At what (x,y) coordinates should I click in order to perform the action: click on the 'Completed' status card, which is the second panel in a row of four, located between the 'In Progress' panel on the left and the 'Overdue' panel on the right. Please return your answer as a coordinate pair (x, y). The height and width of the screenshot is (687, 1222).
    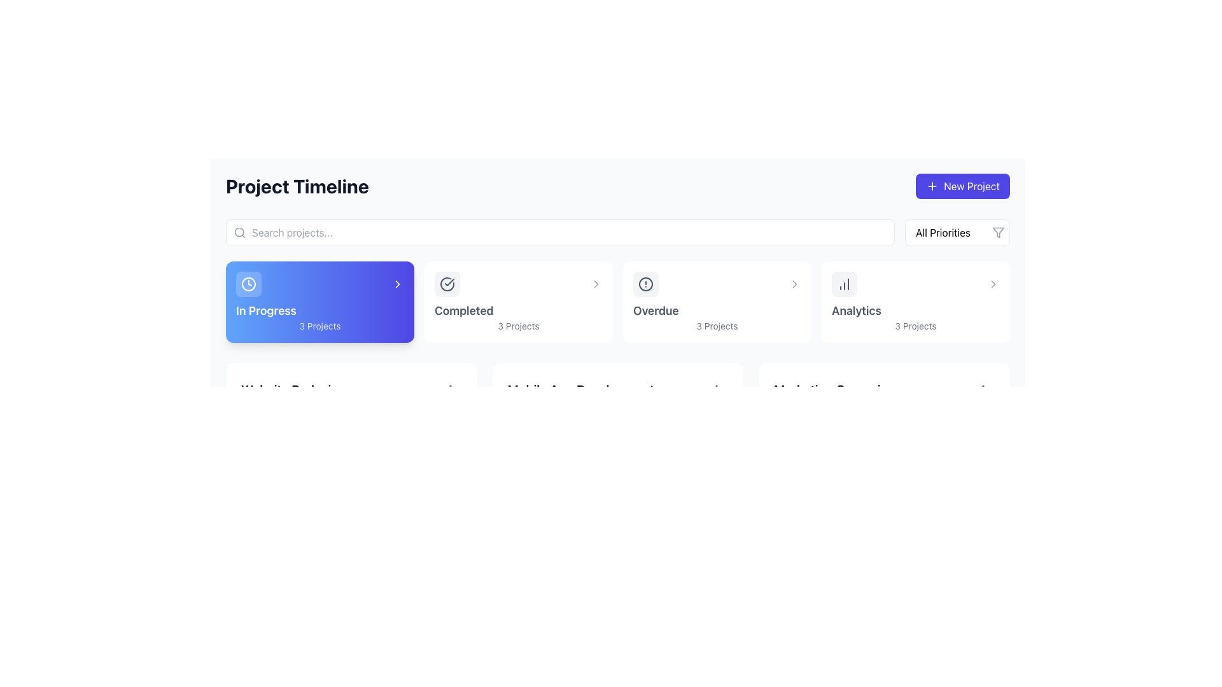
    Looking at the image, I should click on (519, 302).